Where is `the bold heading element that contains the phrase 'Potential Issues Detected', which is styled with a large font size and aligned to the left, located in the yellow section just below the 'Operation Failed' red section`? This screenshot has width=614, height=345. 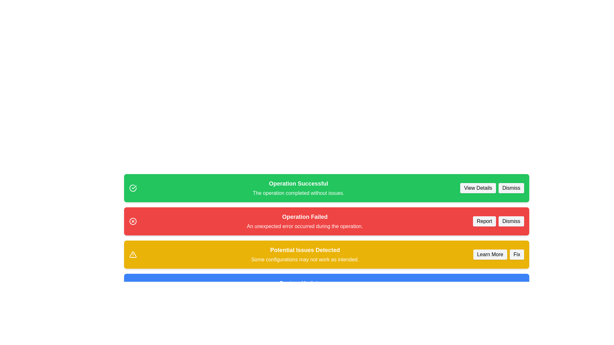 the bold heading element that contains the phrase 'Potential Issues Detected', which is styled with a large font size and aligned to the left, located in the yellow section just below the 'Operation Failed' red section is located at coordinates (304, 250).